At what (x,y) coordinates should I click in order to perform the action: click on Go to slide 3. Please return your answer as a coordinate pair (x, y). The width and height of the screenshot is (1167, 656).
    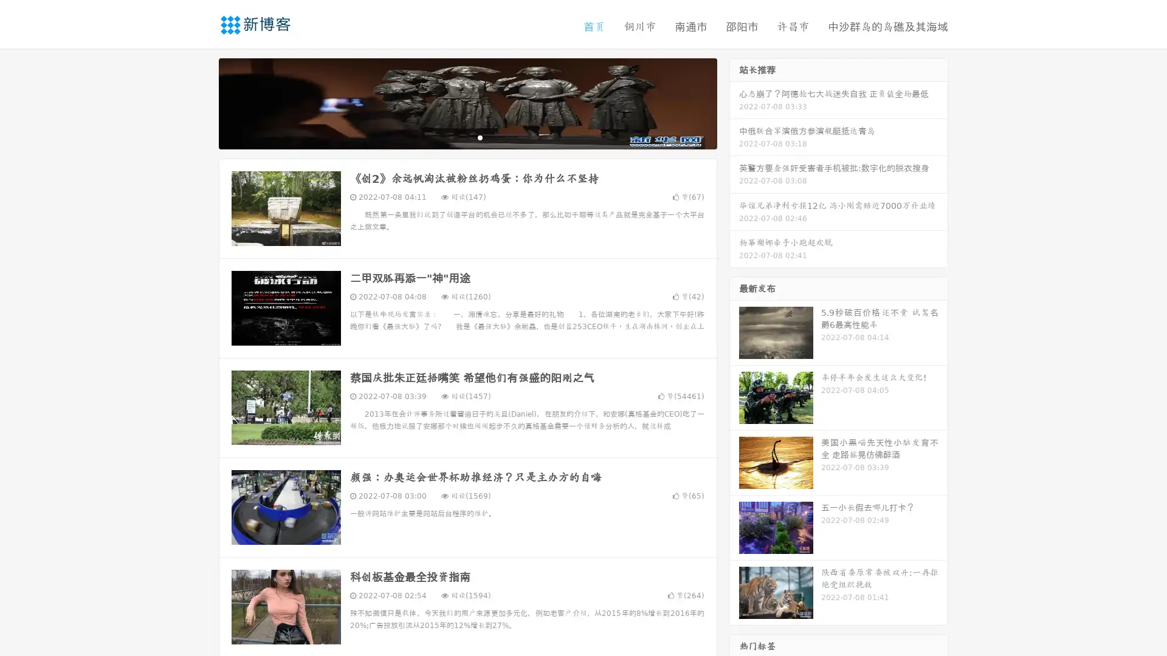
    Looking at the image, I should click on (480, 137).